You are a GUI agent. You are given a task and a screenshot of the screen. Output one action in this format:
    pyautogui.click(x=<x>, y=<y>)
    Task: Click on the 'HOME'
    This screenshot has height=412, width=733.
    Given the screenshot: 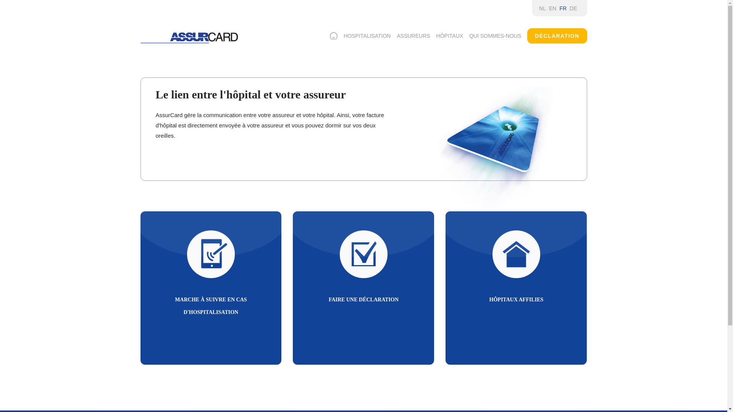 What is the action you would take?
    pyautogui.click(x=333, y=35)
    